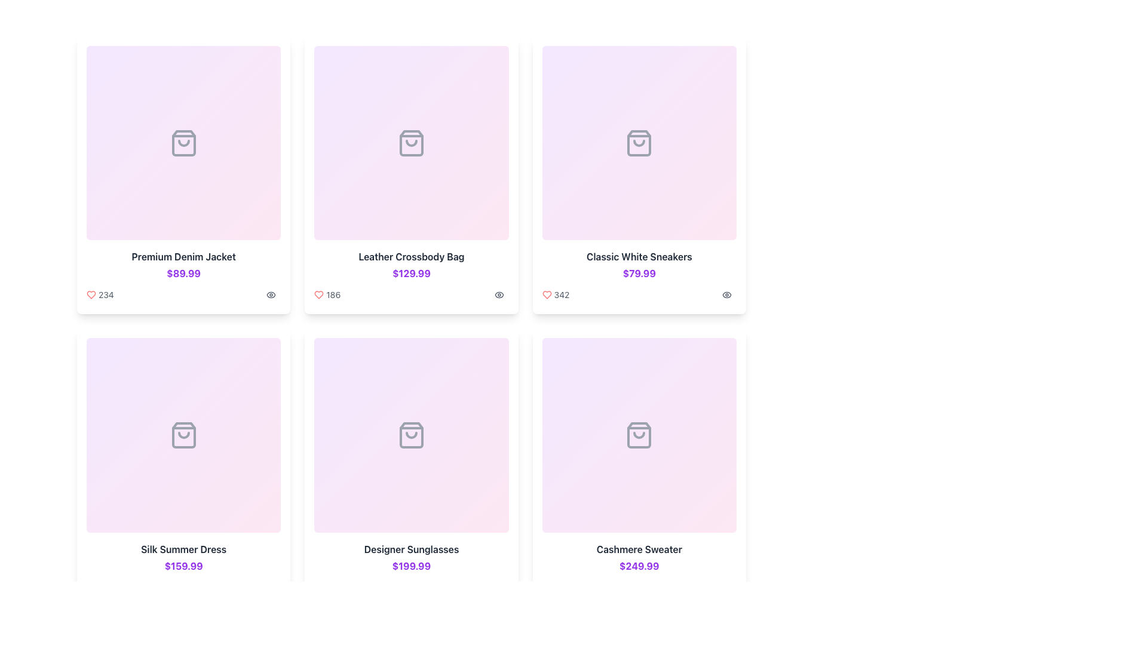 Image resolution: width=1147 pixels, height=645 pixels. Describe the element at coordinates (411, 142) in the screenshot. I see `the image placeholder icon representing the product category in the second card of the top row, which visually depicts the 'Leather Crossbody Bag'` at that location.